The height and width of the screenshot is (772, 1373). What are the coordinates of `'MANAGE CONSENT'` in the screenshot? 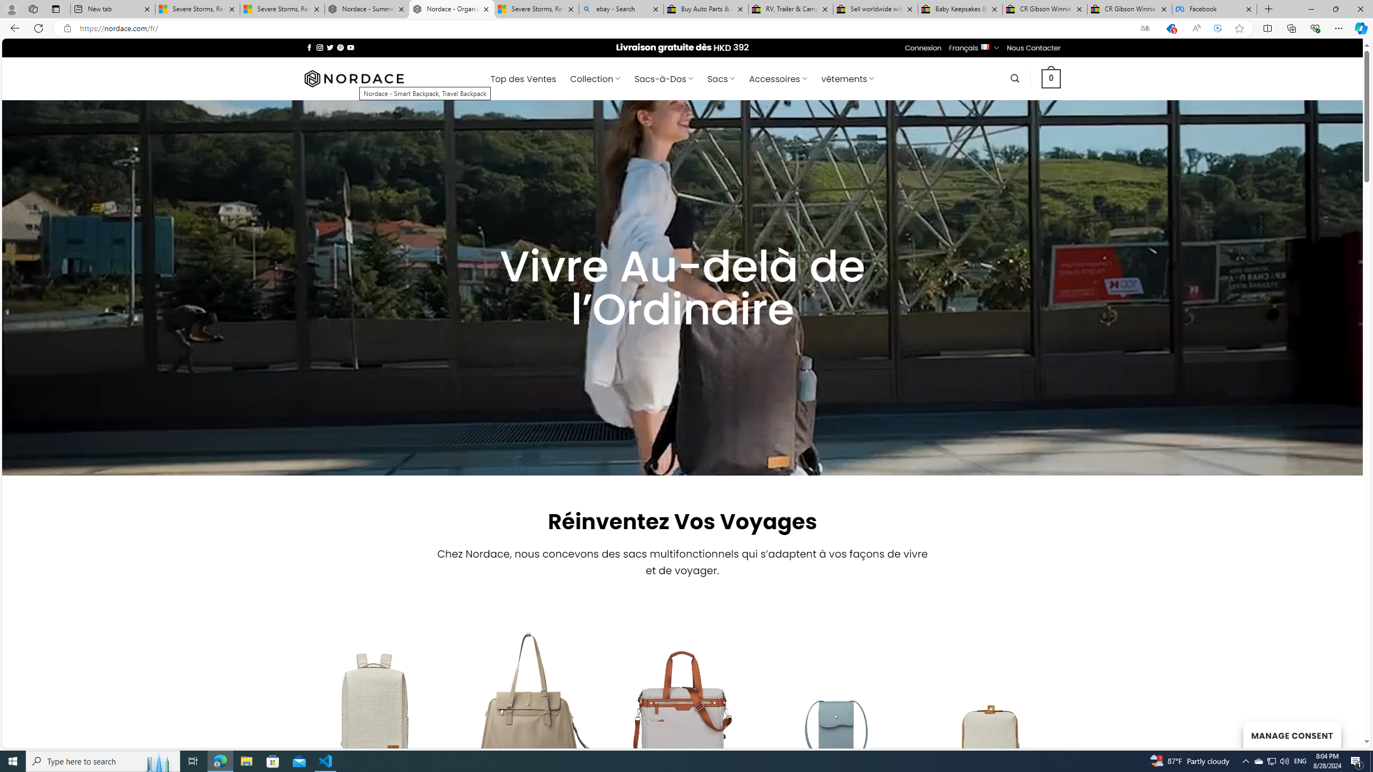 It's located at (1291, 734).